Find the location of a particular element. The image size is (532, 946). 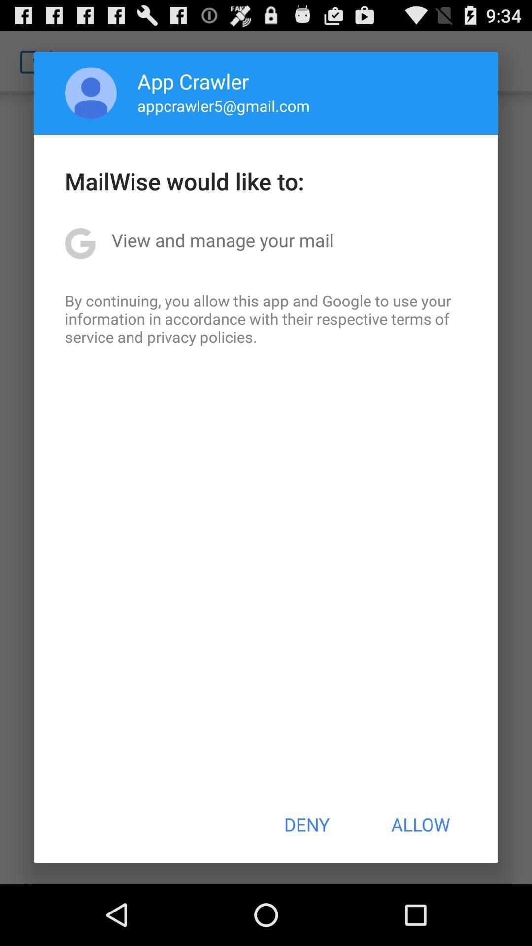

item below mailwise would like is located at coordinates (223, 240).